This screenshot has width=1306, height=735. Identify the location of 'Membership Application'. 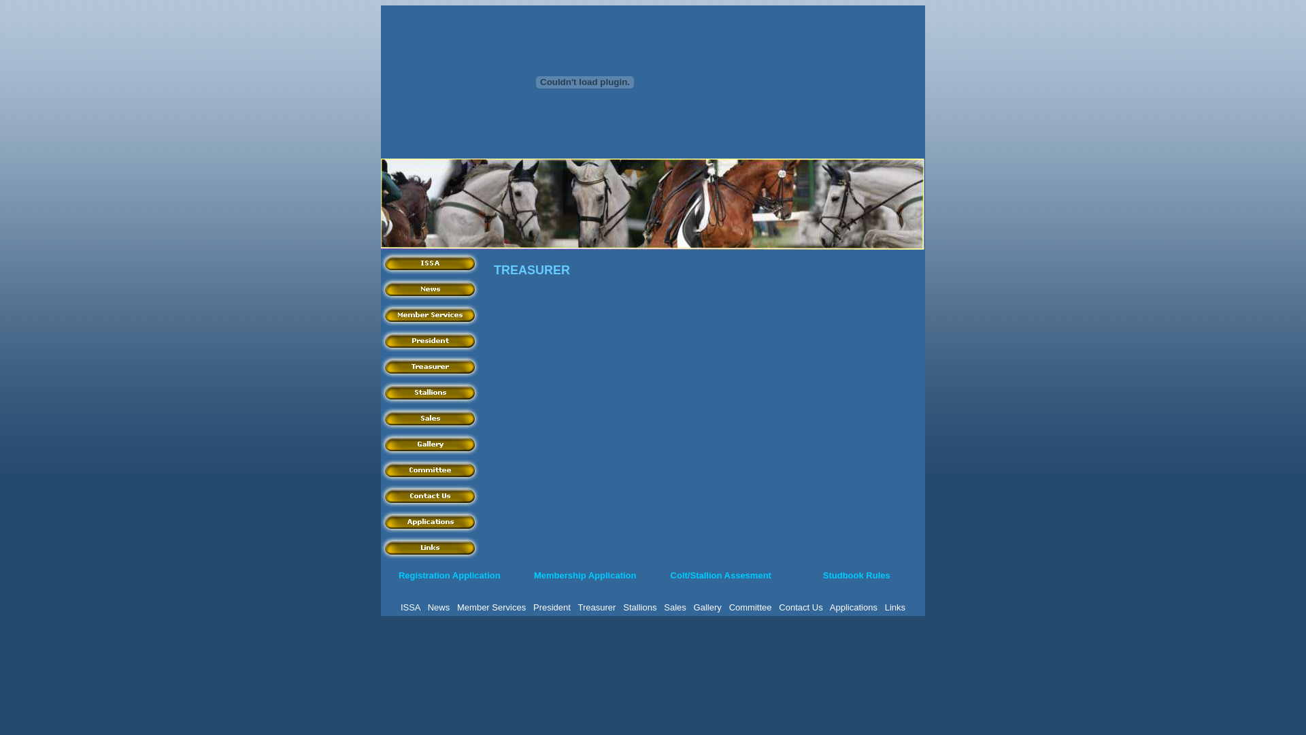
(584, 575).